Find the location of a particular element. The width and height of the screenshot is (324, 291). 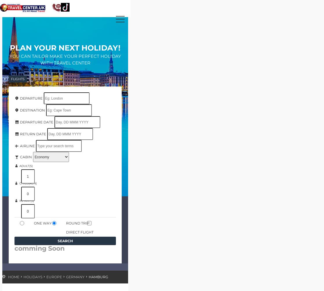

'Destination' is located at coordinates (32, 110).